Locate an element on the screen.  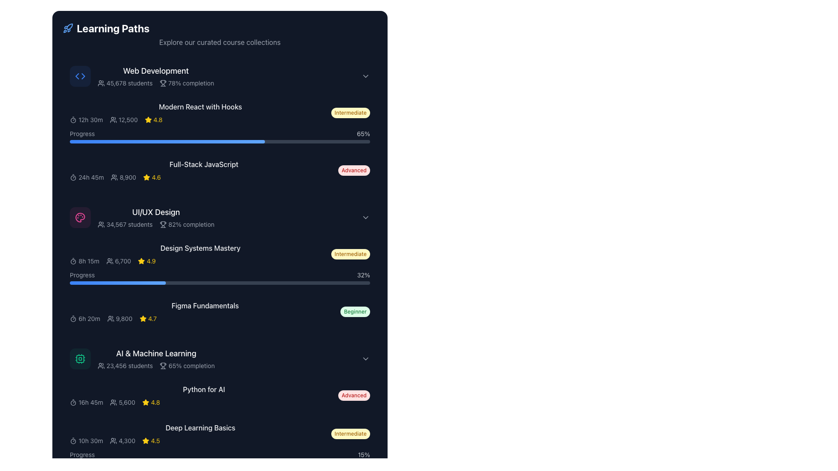
the text label serving as the title for the second listed course in the 'Learning Paths' section for accessibility is located at coordinates (203, 164).